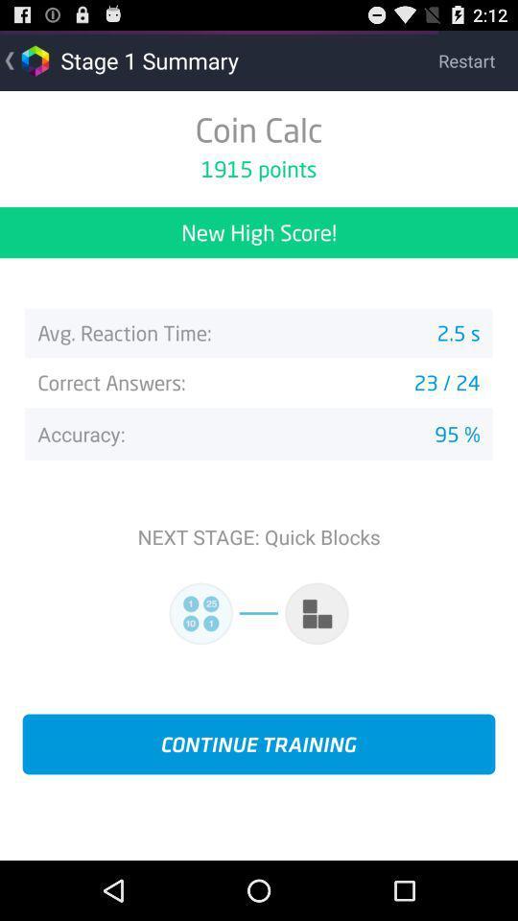  I want to click on restart icon, so click(477, 59).